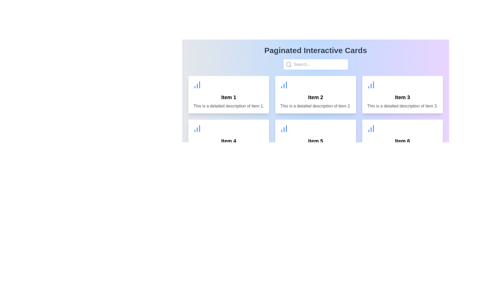 This screenshot has width=499, height=281. What do you see at coordinates (284, 128) in the screenshot?
I see `the icon that symbolizes data or statistics for the 'Item 5' card located in the second row and second column of the grid layout` at bounding box center [284, 128].